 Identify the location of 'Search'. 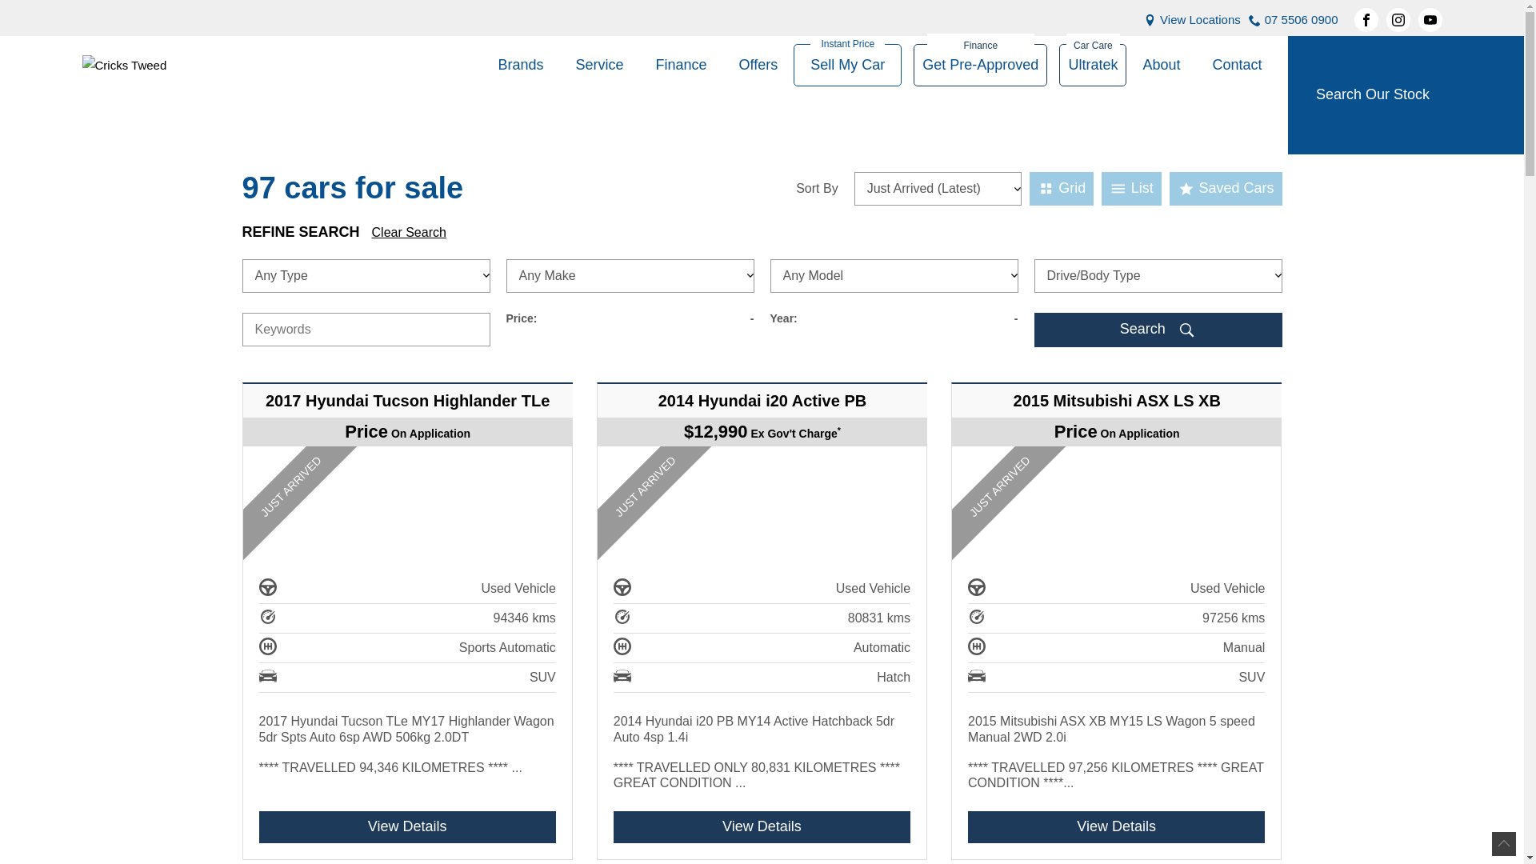
(1157, 329).